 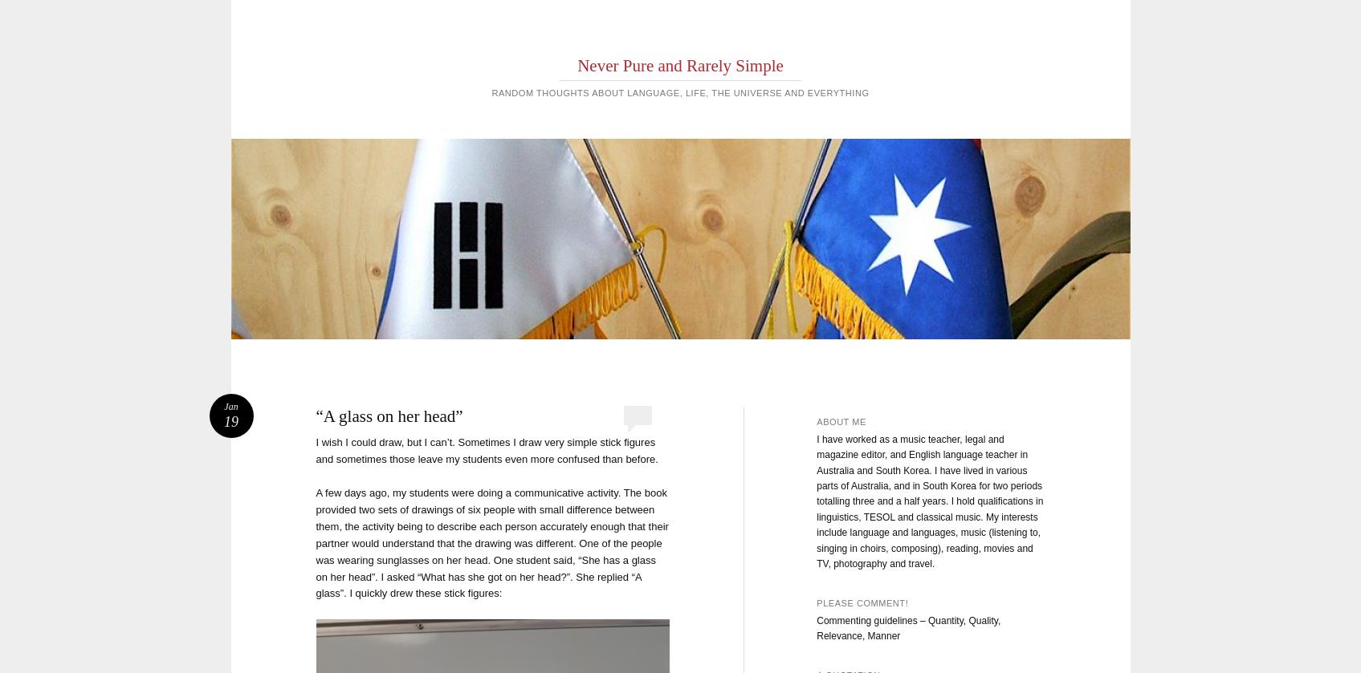 What do you see at coordinates (862, 602) in the screenshot?
I see `'Please comment!'` at bounding box center [862, 602].